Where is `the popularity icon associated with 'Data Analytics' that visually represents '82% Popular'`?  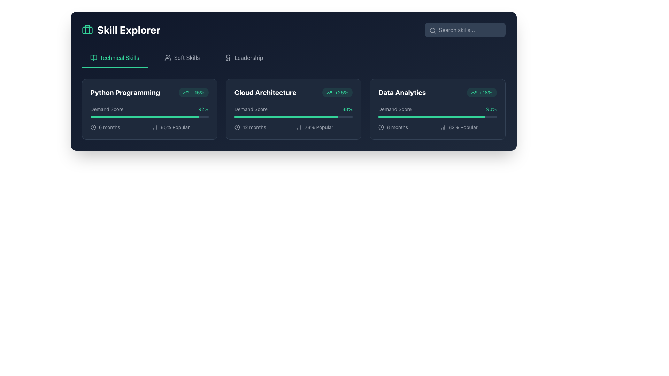 the popularity icon associated with 'Data Analytics' that visually represents '82% Popular' is located at coordinates (443, 127).